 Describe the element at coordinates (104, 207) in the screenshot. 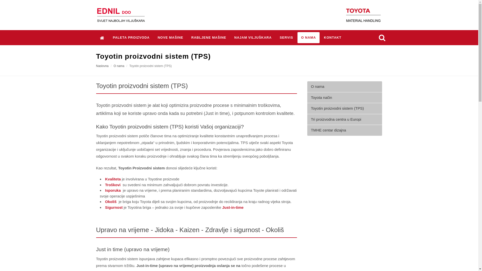

I see `'Sigurnost'` at that location.